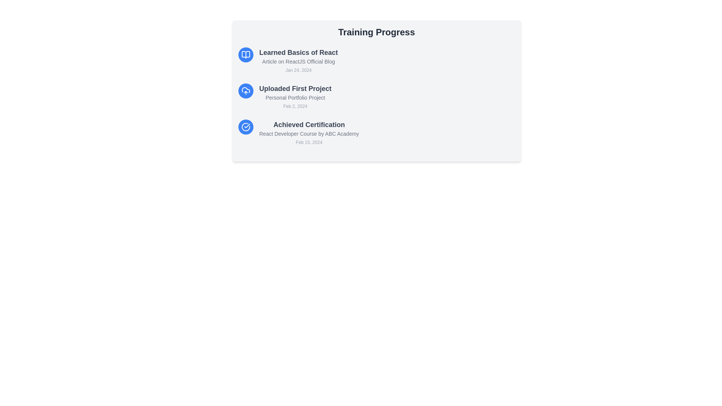  What do you see at coordinates (246, 55) in the screenshot?
I see `the SVG icon representing the 'Learned Basics of React' achievement, which is located in the first item of the training progress activities list, to the left of the text and within a blue circle` at bounding box center [246, 55].